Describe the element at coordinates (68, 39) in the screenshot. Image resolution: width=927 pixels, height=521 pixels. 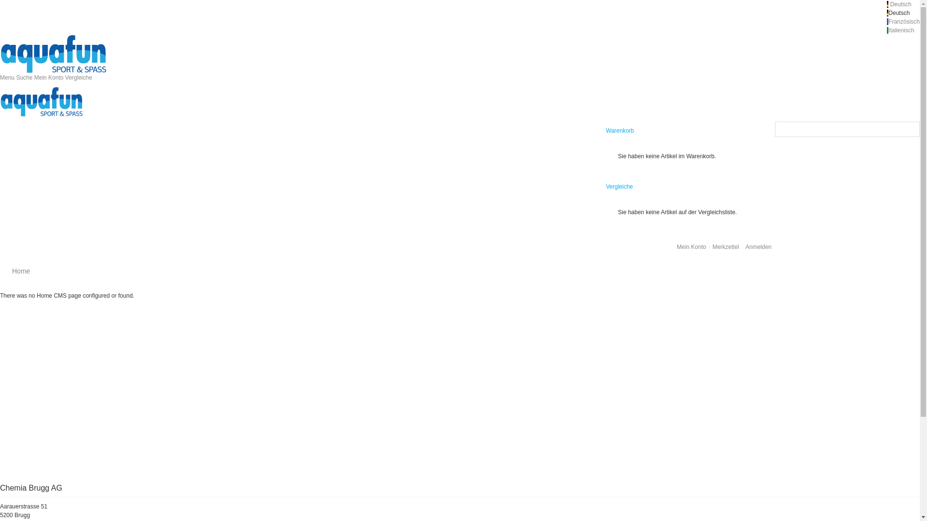
I see `'Magento Commerce'` at that location.